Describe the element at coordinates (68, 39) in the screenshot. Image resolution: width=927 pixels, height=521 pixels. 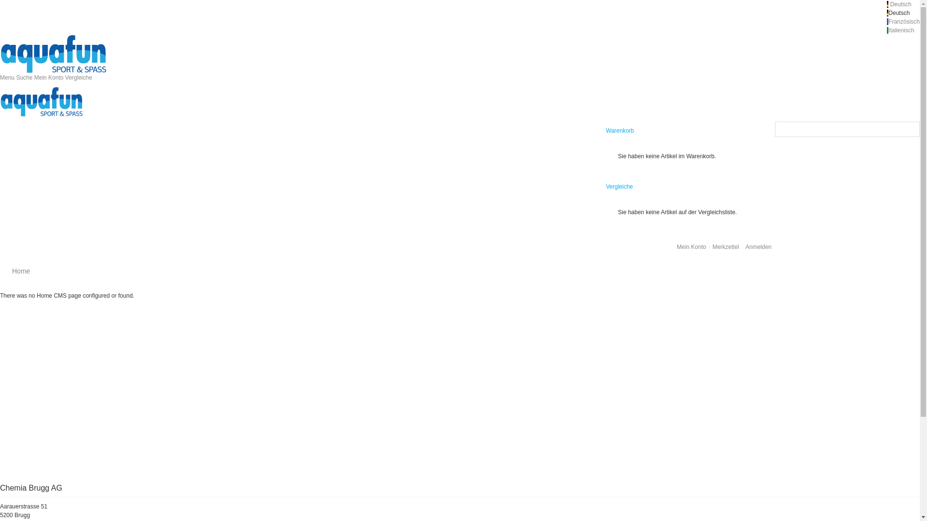
I see `'Magento Commerce'` at that location.